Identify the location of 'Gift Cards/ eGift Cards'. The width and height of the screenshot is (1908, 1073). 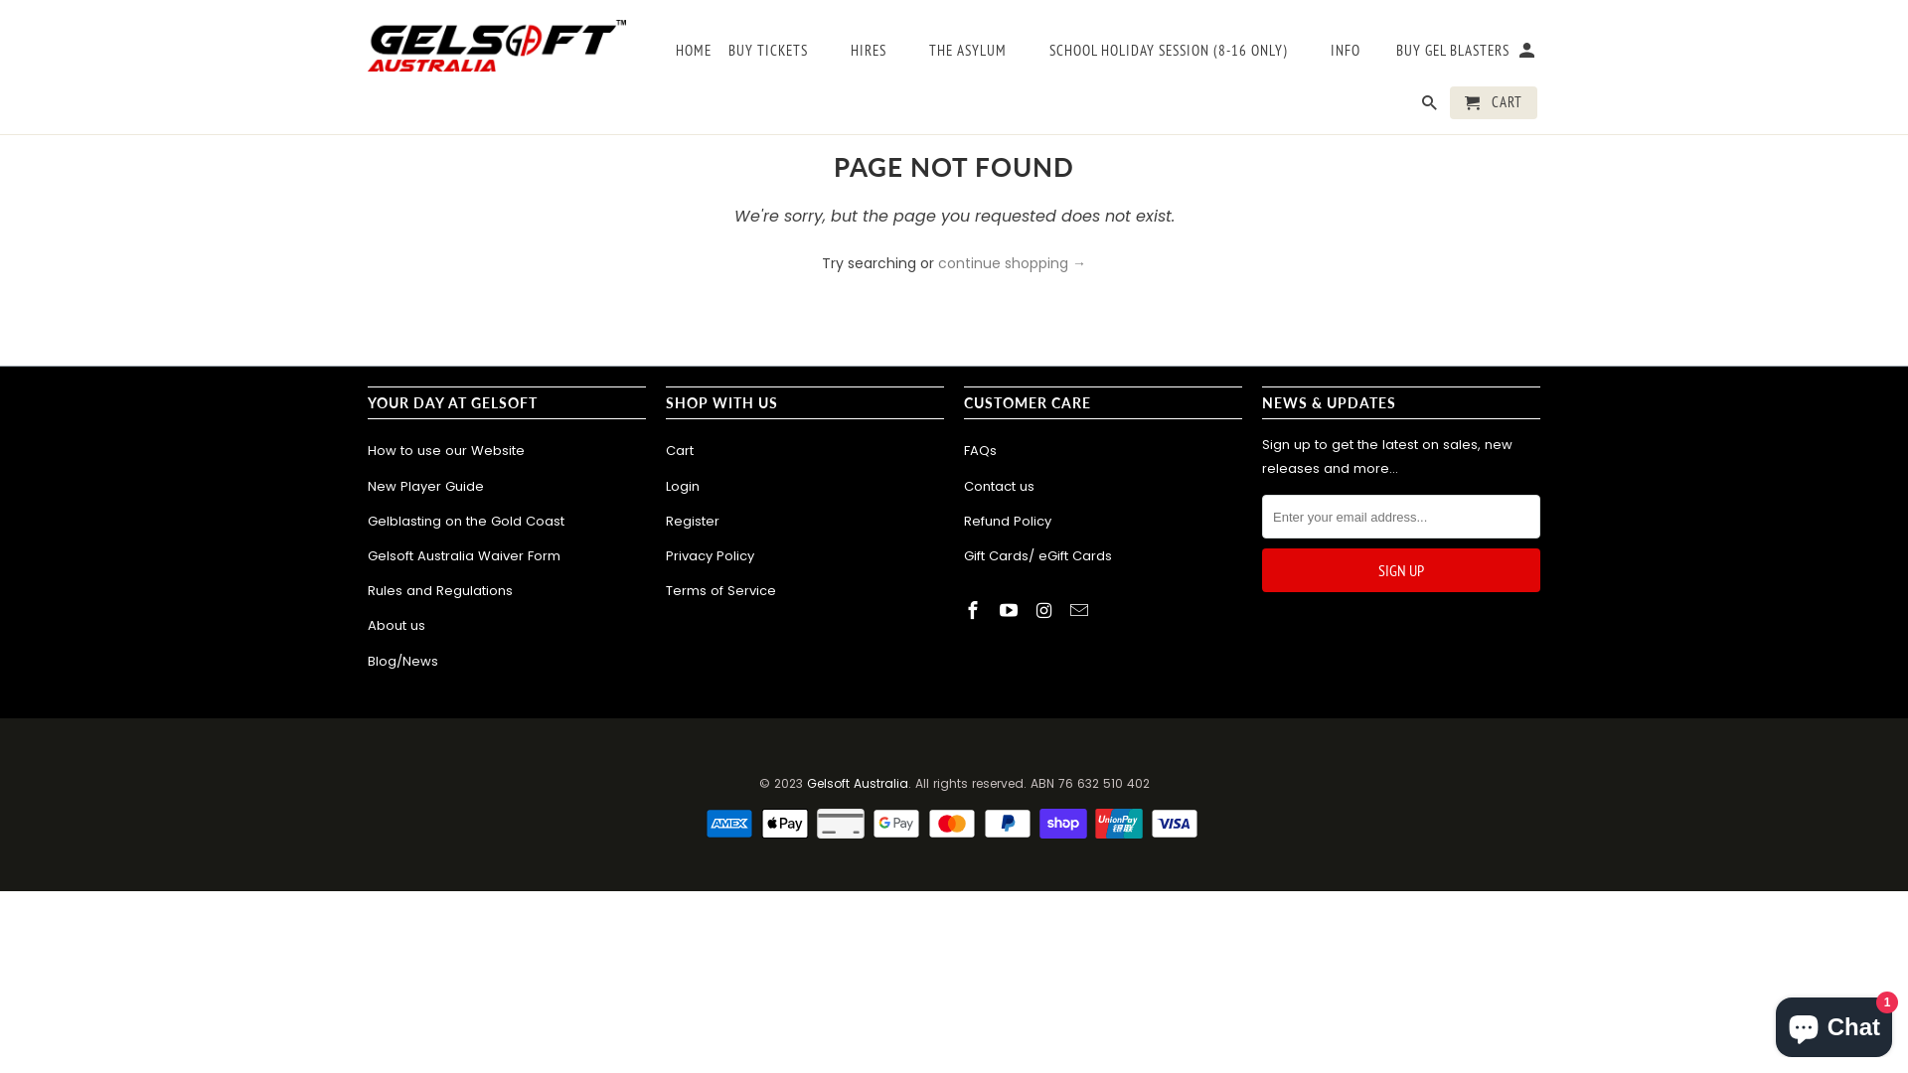
(963, 555).